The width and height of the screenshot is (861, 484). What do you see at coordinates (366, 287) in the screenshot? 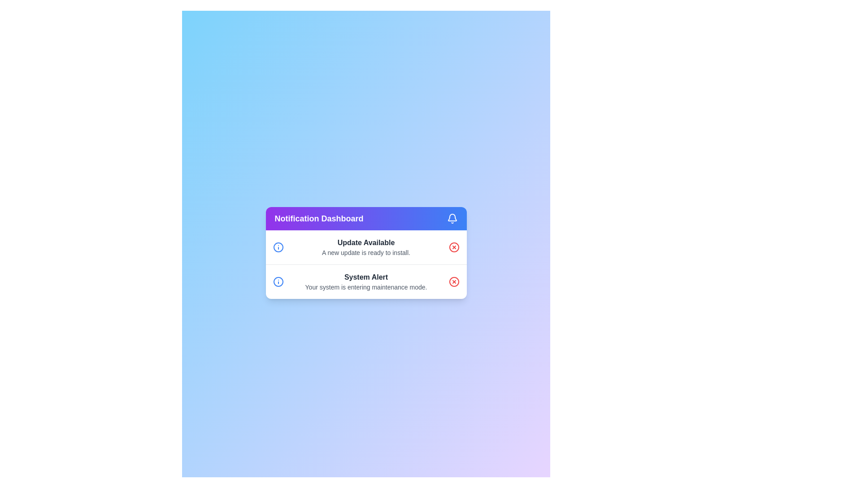
I see `the text element reading 'Your system is entering maintenance mode.' which is styled in gray color and located beneath the heading 'System Alert' within a notification card` at bounding box center [366, 287].